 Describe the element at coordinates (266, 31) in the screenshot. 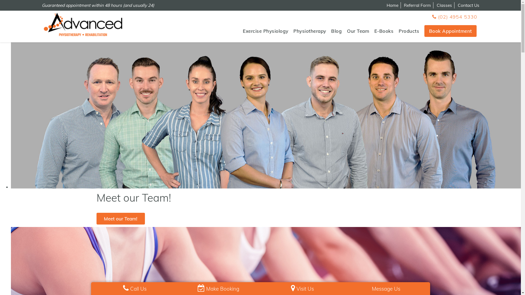

I see `'Exercise Physiology'` at that location.